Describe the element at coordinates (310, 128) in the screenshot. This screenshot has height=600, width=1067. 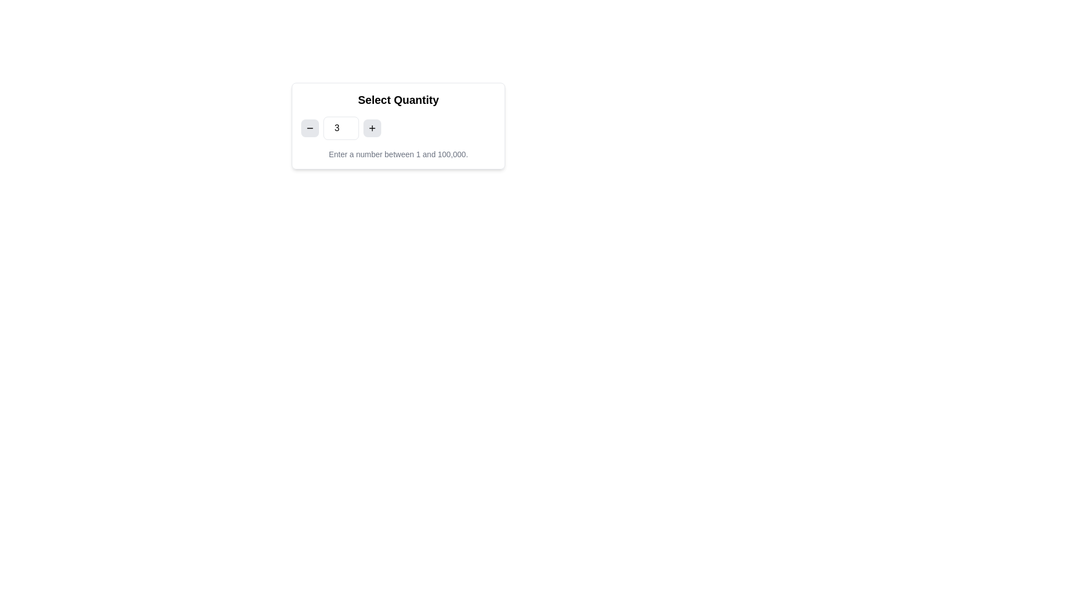
I see `the circular button with a light gray background and a minus icon at its center to decrease the number` at that location.